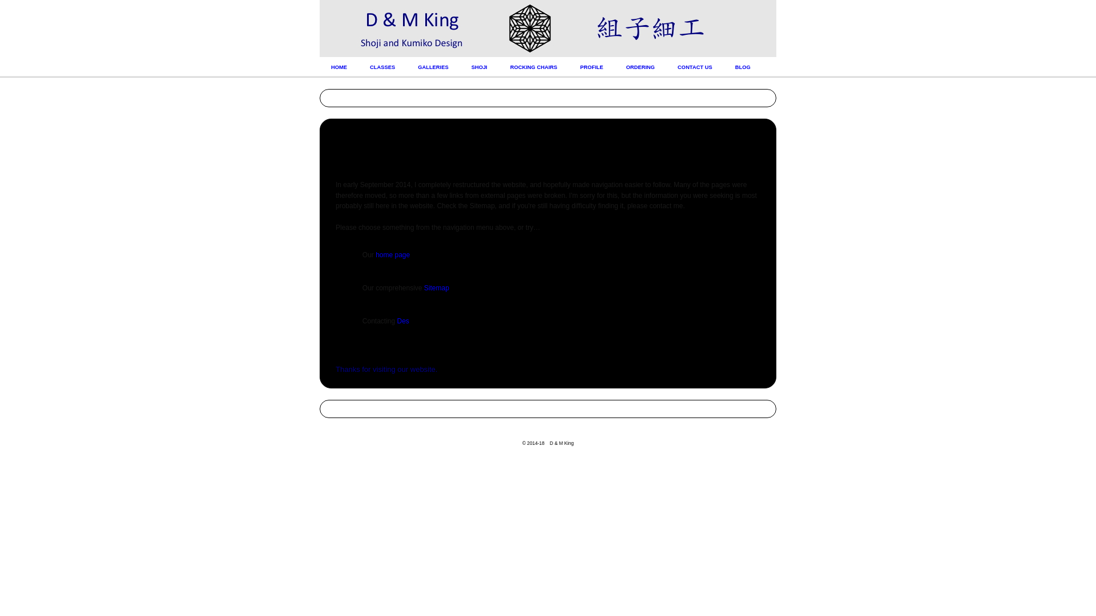 This screenshot has width=1096, height=616. What do you see at coordinates (382, 67) in the screenshot?
I see `'CLASSES'` at bounding box center [382, 67].